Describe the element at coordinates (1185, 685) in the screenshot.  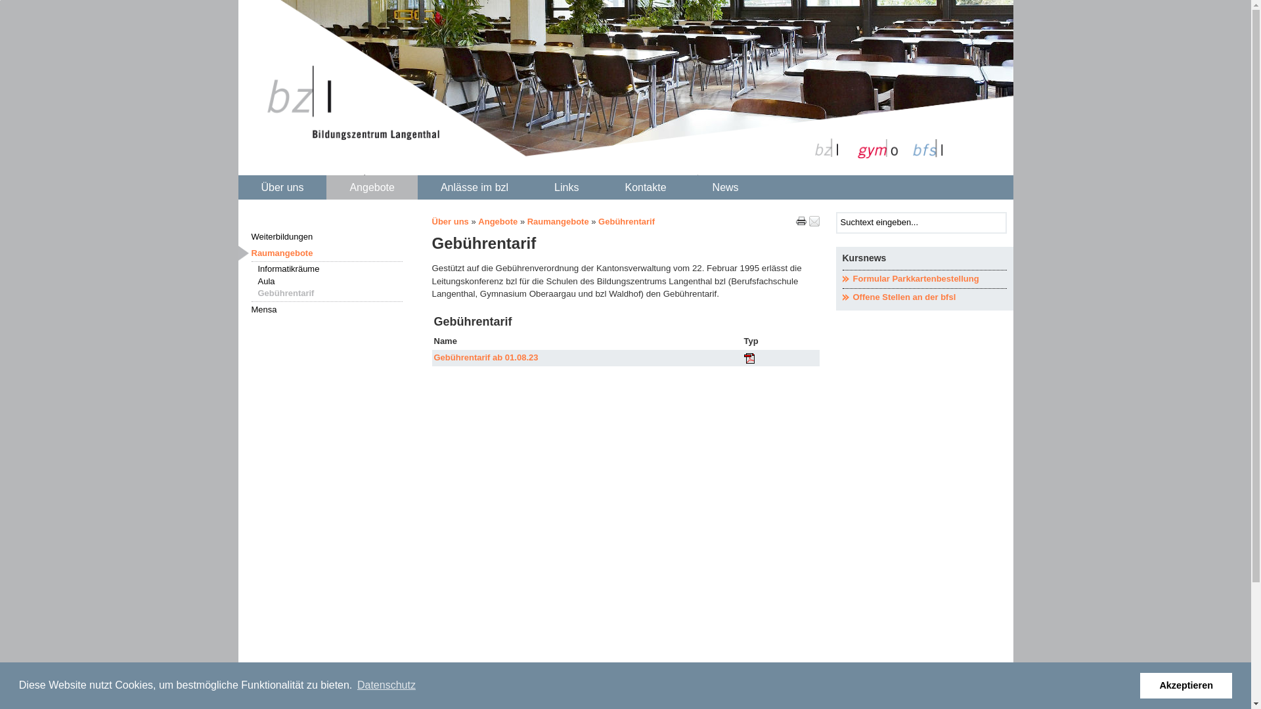
I see `'Akzeptieren'` at that location.